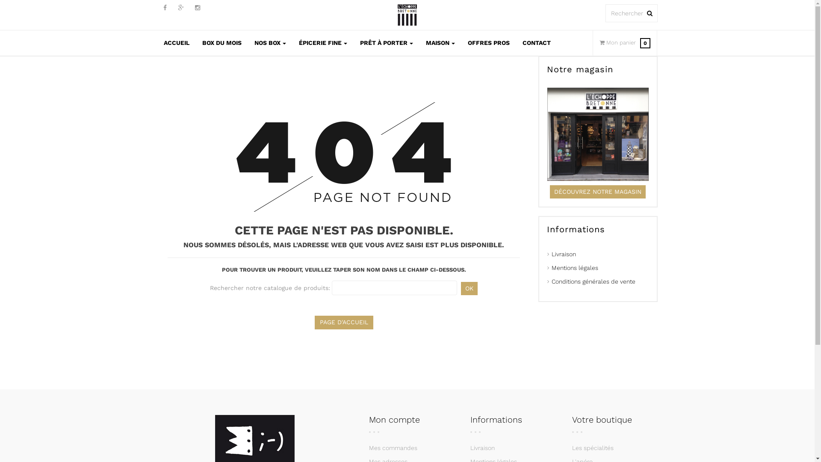  Describe the element at coordinates (515, 43) in the screenshot. I see `'CONTACT'` at that location.